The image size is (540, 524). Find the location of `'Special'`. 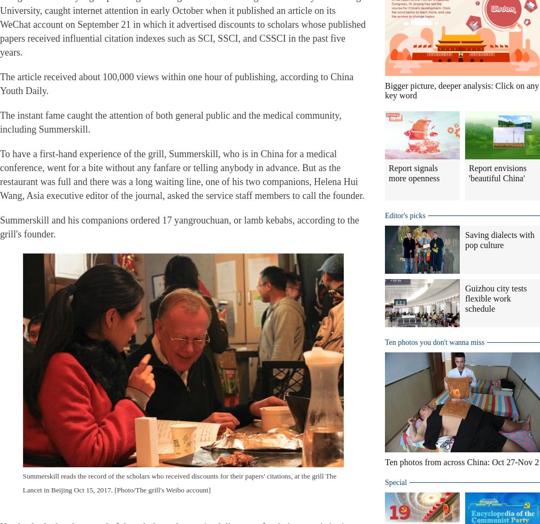

'Special' is located at coordinates (395, 482).